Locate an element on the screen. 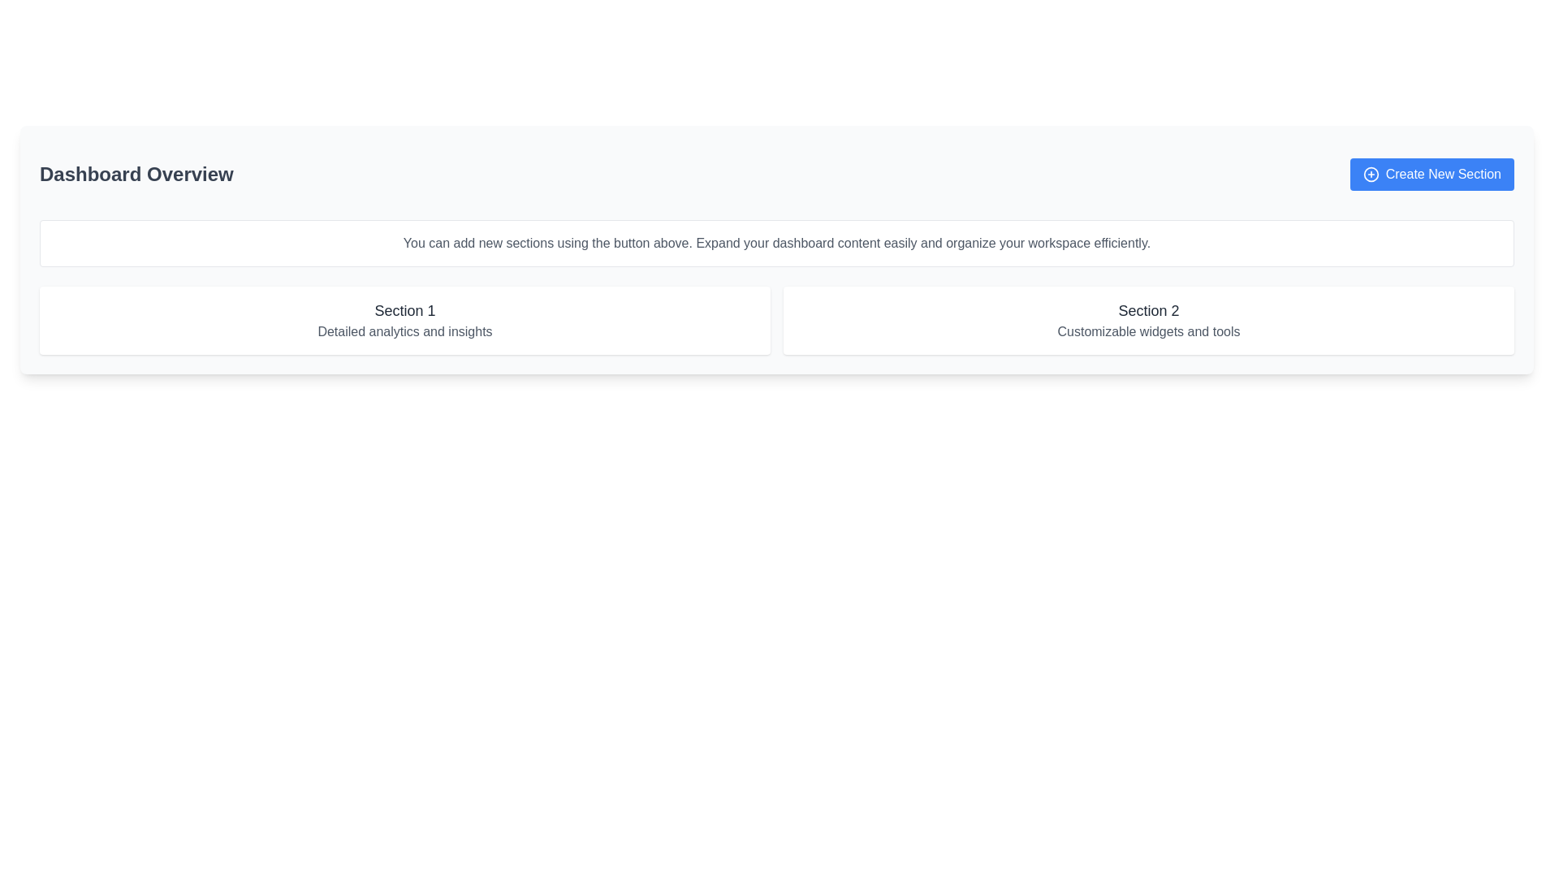 This screenshot has width=1559, height=877. the text label that serves as a descriptive label for 'Section 2', positioned below the title in the right section of the dashboard is located at coordinates (1148, 330).